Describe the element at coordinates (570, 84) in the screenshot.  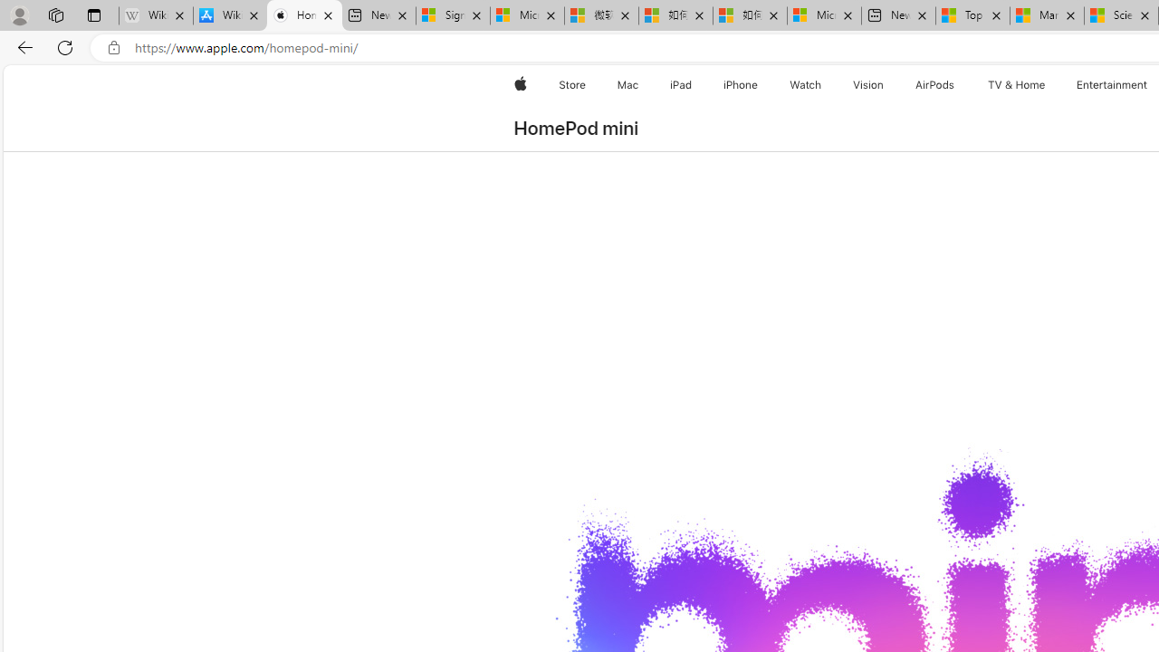
I see `'Store'` at that location.